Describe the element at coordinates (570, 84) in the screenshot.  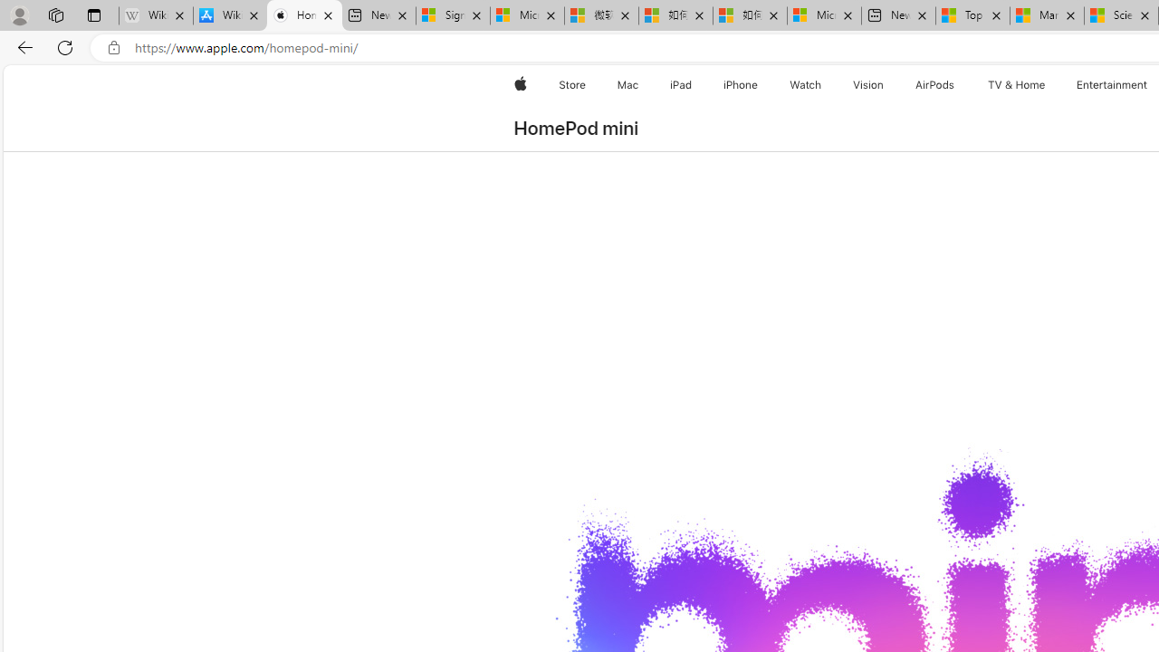
I see `'Store'` at that location.